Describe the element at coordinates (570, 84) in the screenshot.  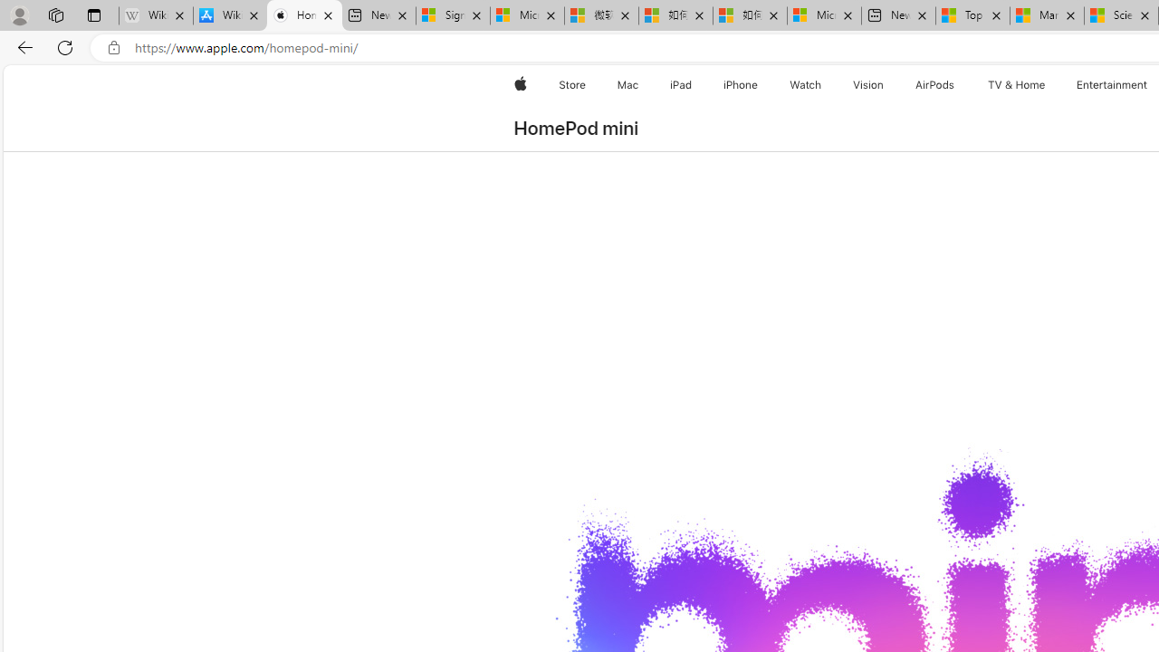
I see `'Store'` at that location.